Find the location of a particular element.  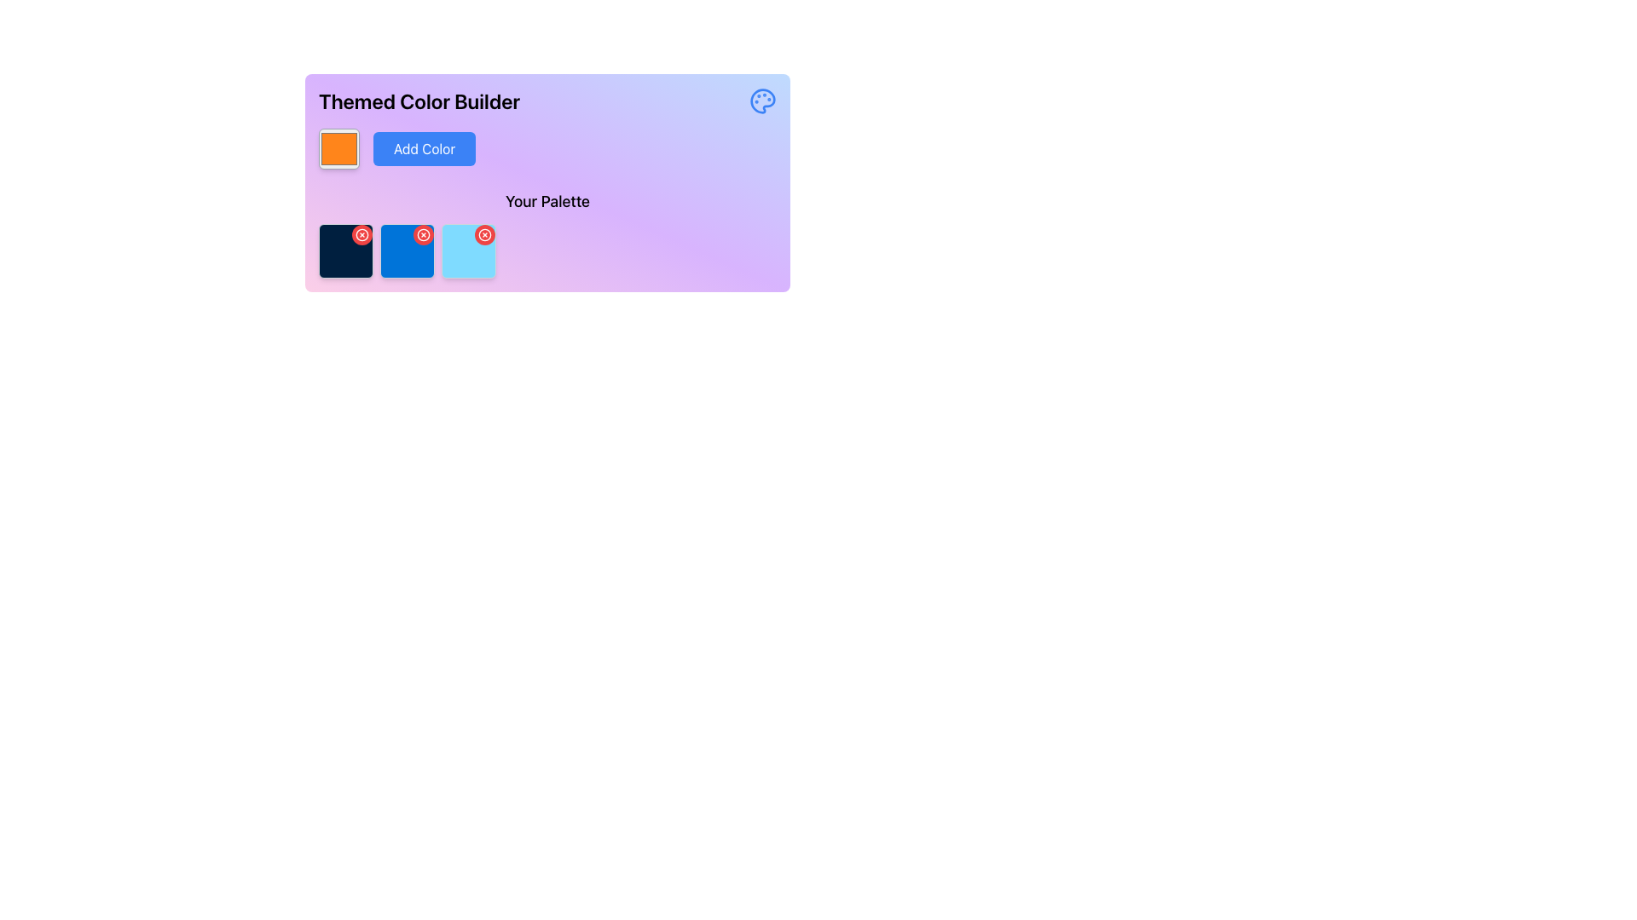

the blue rectangular button labeled 'Add Color' is located at coordinates (425, 147).